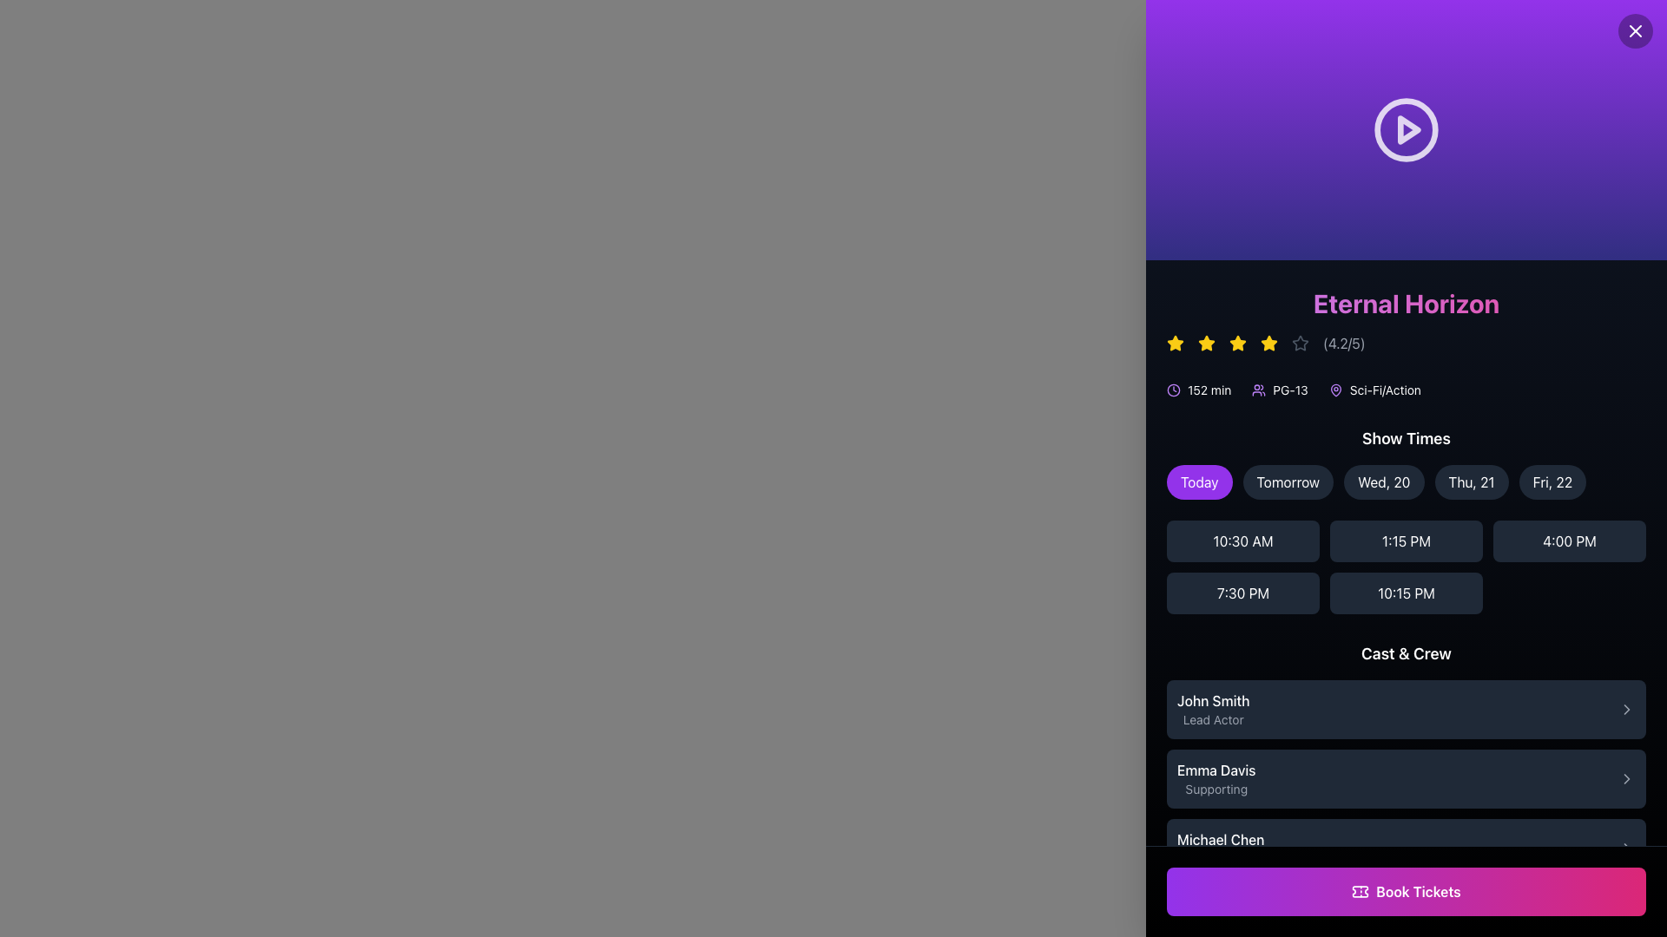 The image size is (1667, 937). What do you see at coordinates (1407, 592) in the screenshot?
I see `the button labeled '10:15 PM', which is the last button in the 'Show Times' grid layout` at bounding box center [1407, 592].